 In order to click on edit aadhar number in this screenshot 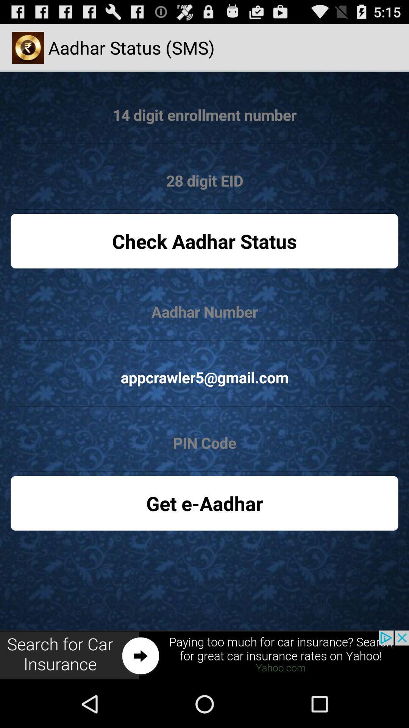, I will do `click(204, 312)`.